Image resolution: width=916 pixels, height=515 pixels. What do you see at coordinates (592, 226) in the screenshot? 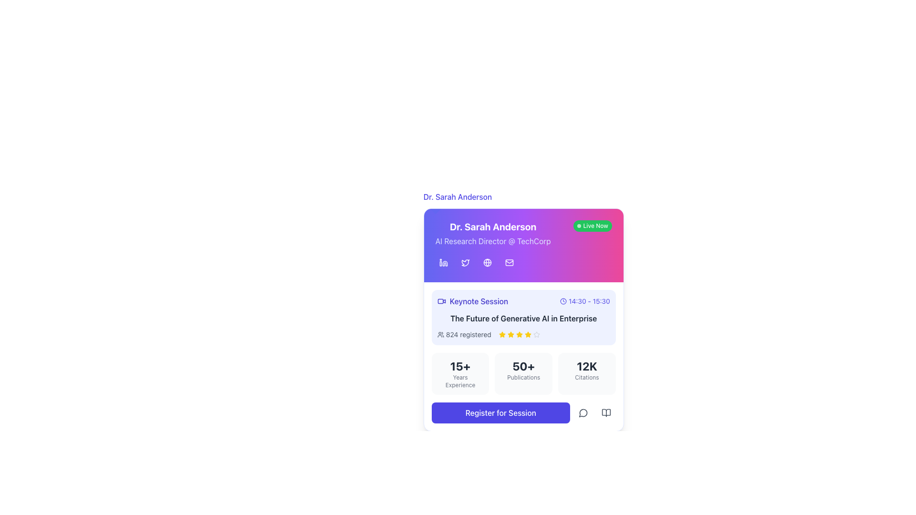
I see `the live status label located in the top-right corner of the card representing Dr. Sarah Anderson, indicating live content` at bounding box center [592, 226].